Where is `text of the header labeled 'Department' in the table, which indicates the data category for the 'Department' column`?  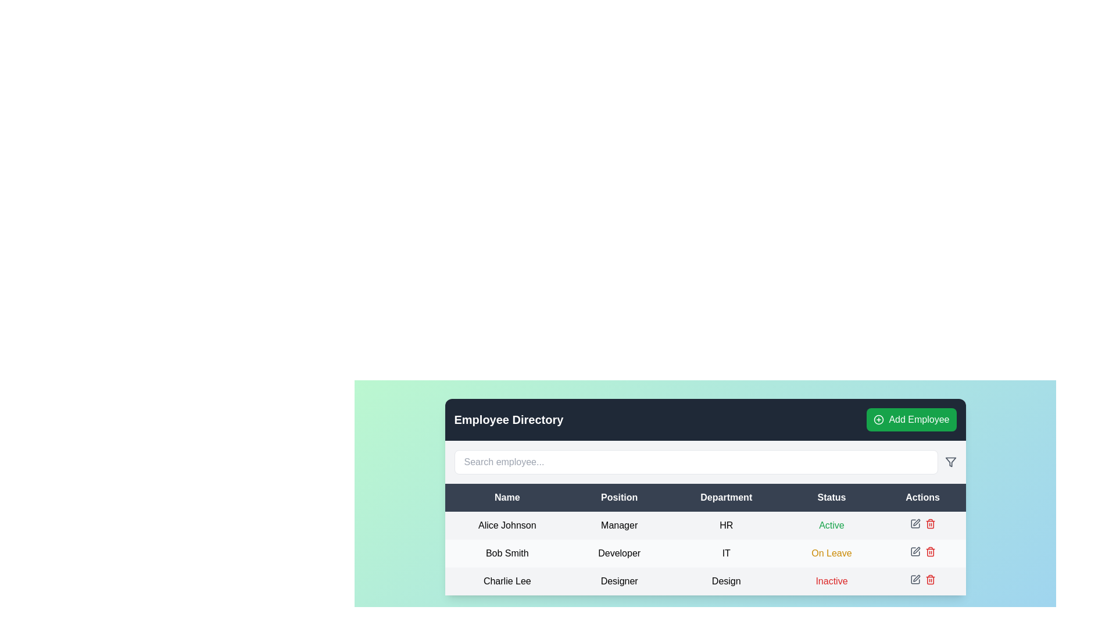
text of the header labeled 'Department' in the table, which indicates the data category for the 'Department' column is located at coordinates (704, 497).